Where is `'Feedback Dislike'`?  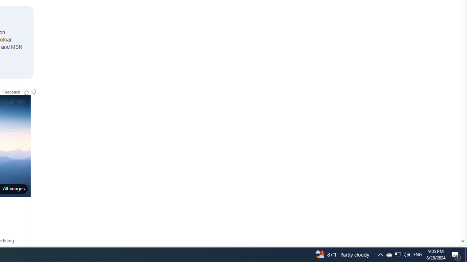
'Feedback Dislike' is located at coordinates (33, 91).